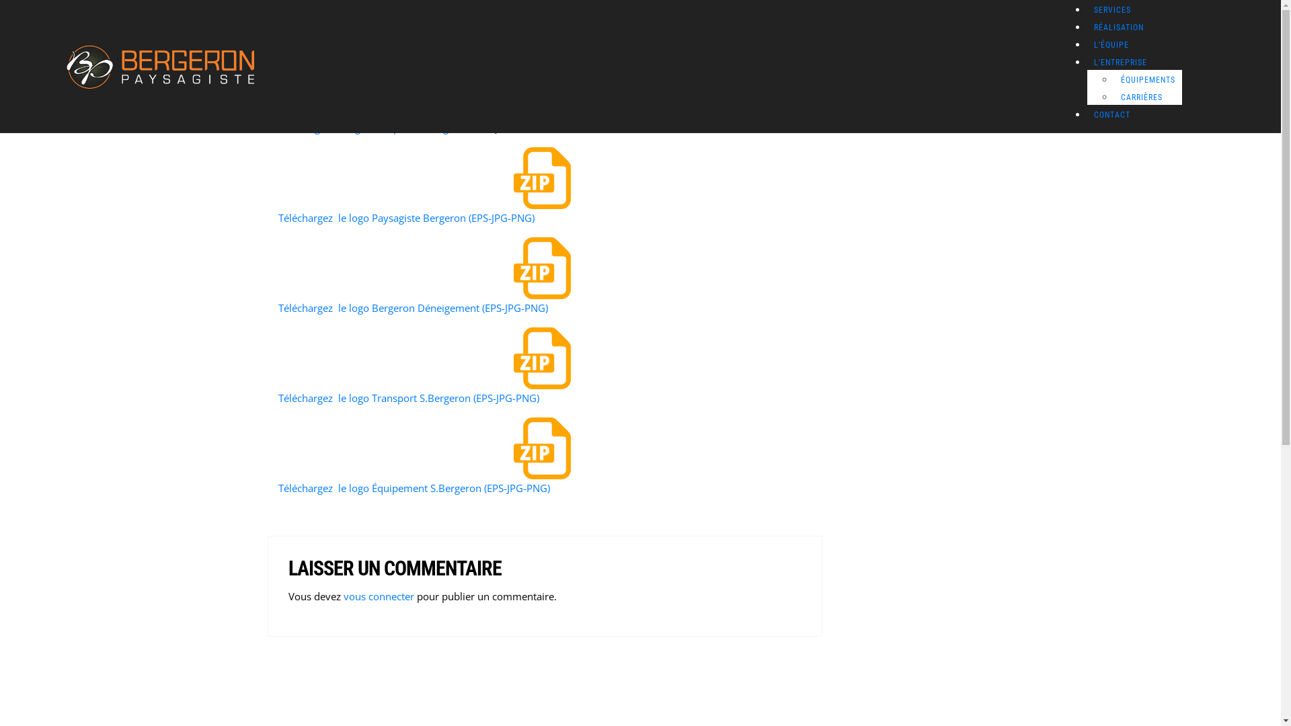 The image size is (1291, 726). What do you see at coordinates (377, 596) in the screenshot?
I see `'vous connecter'` at bounding box center [377, 596].